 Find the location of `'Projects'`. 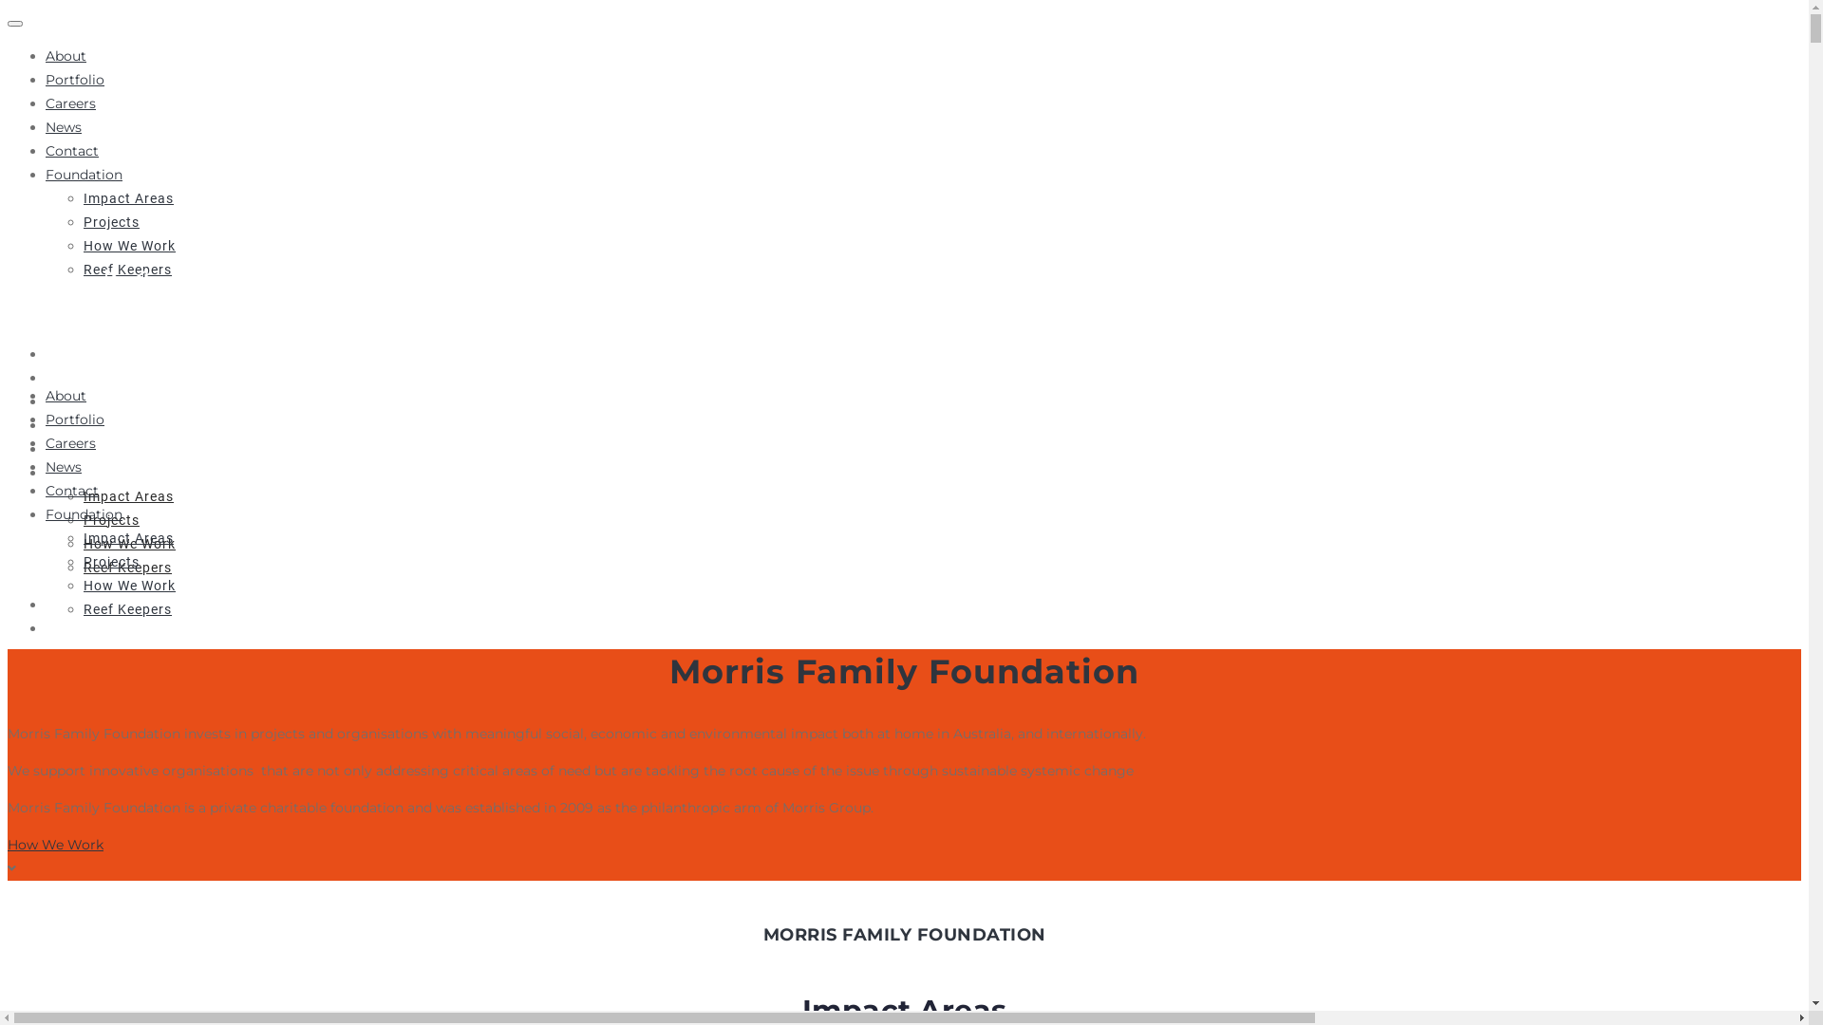

'Projects' is located at coordinates (110, 560).